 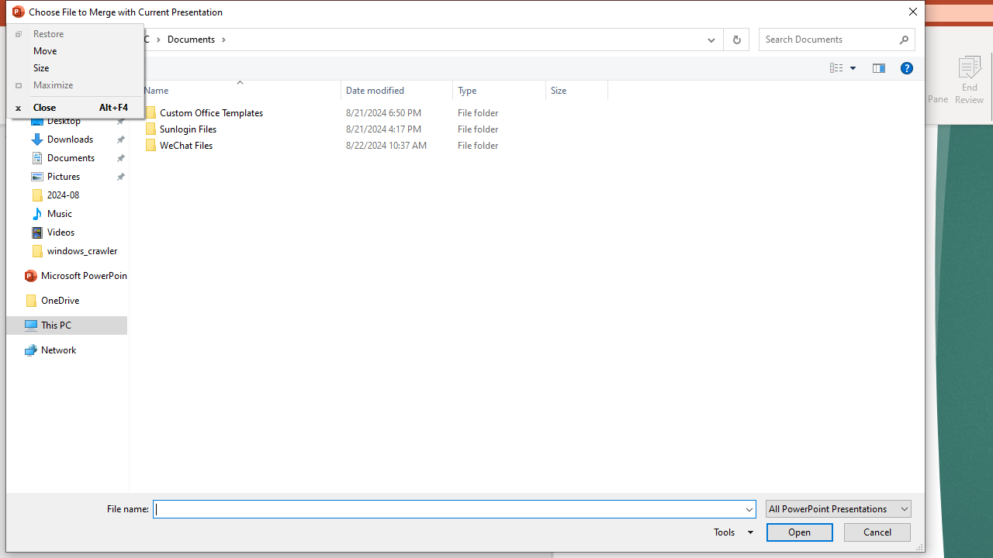 I want to click on 'Date modified', so click(x=397, y=90).